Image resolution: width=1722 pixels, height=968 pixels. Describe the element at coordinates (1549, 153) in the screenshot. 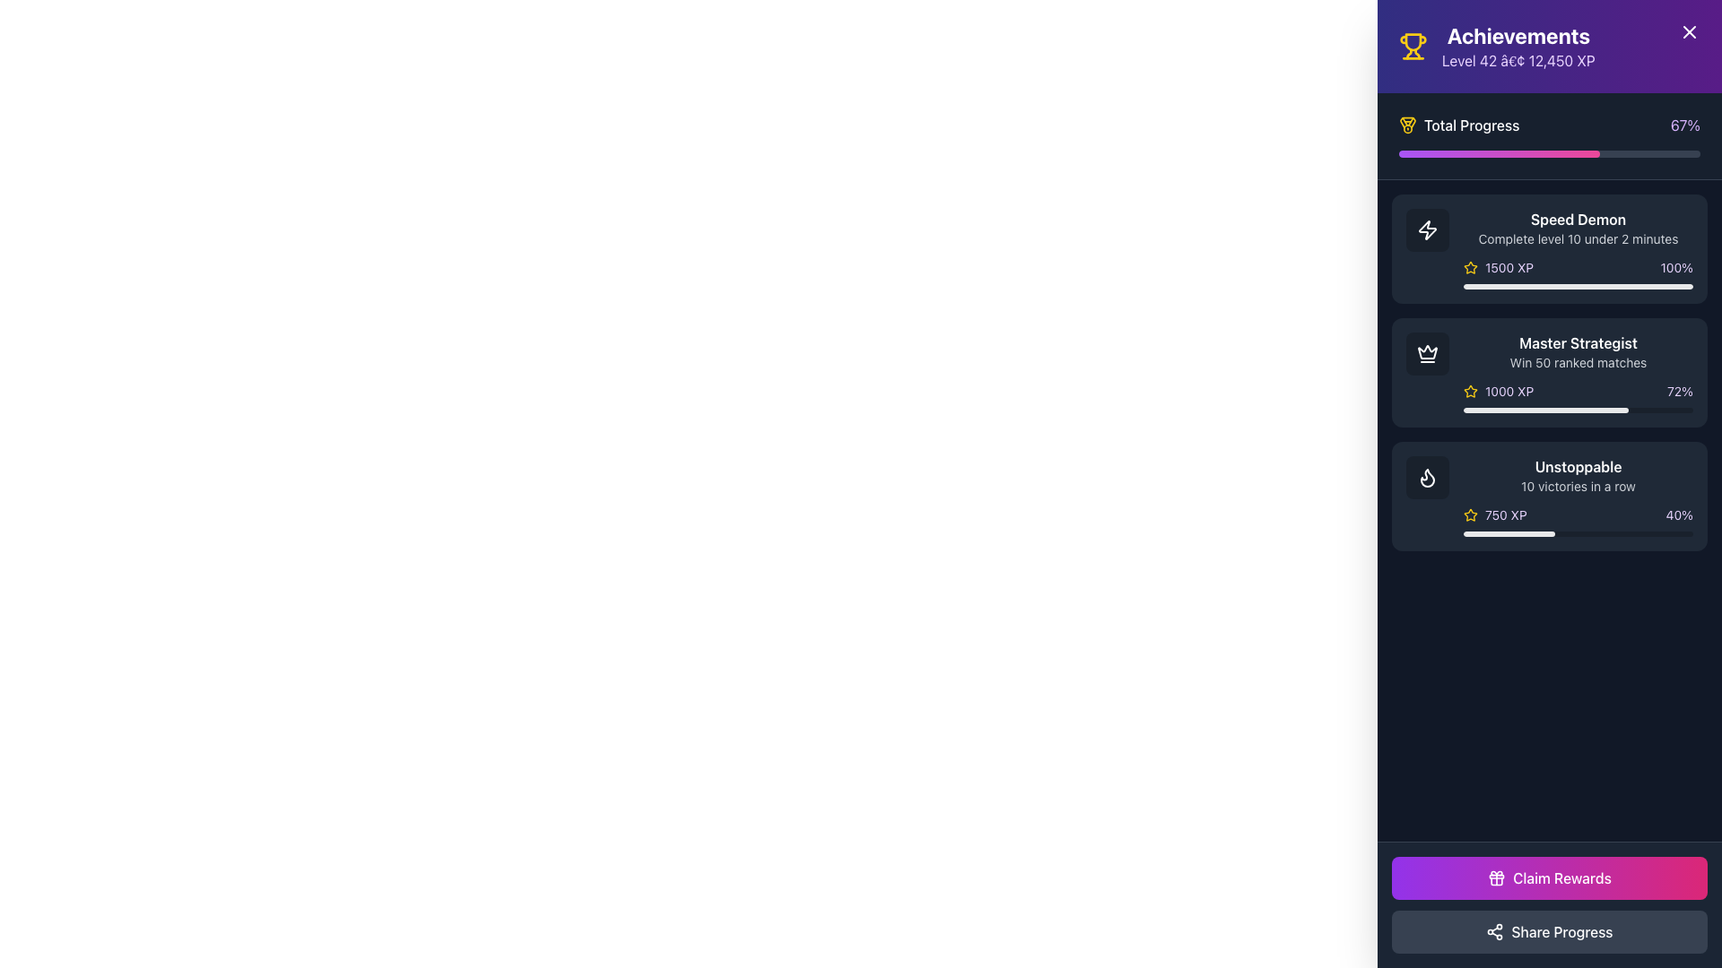

I see `the progress bar located beneath the 'Total Progress' label, which features rounded ends and a vibrant gradient color scheme transitioning from purple to pink` at that location.